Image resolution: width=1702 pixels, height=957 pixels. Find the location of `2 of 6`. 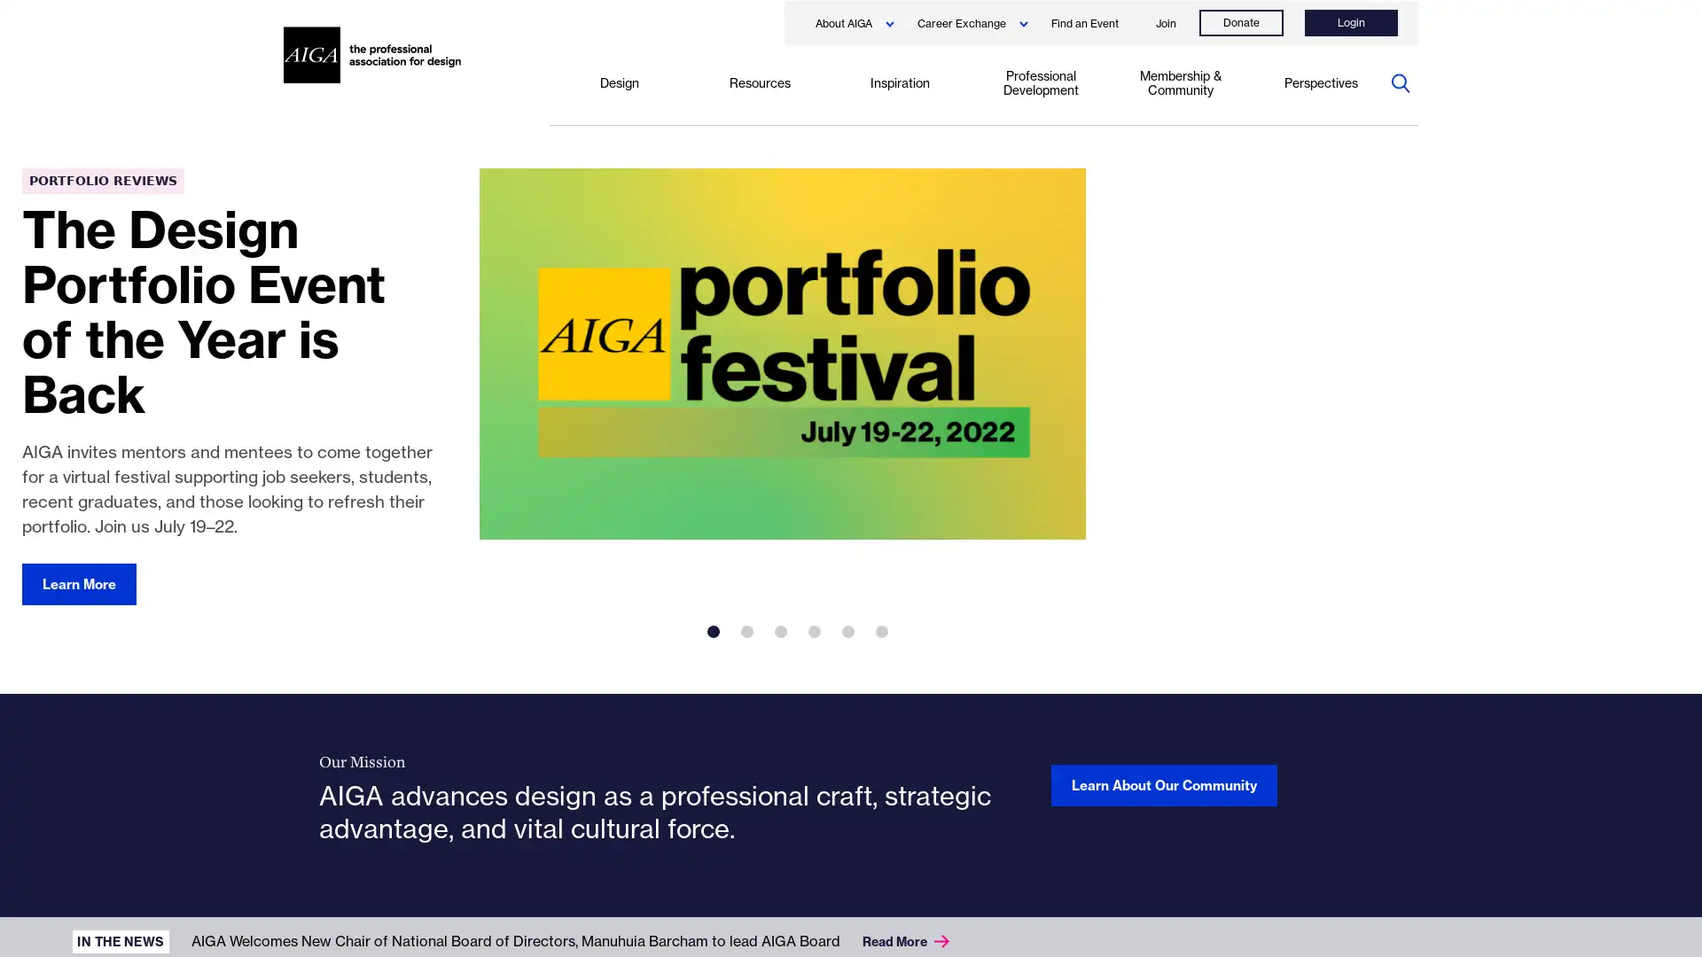

2 of 6 is located at coordinates (747, 631).